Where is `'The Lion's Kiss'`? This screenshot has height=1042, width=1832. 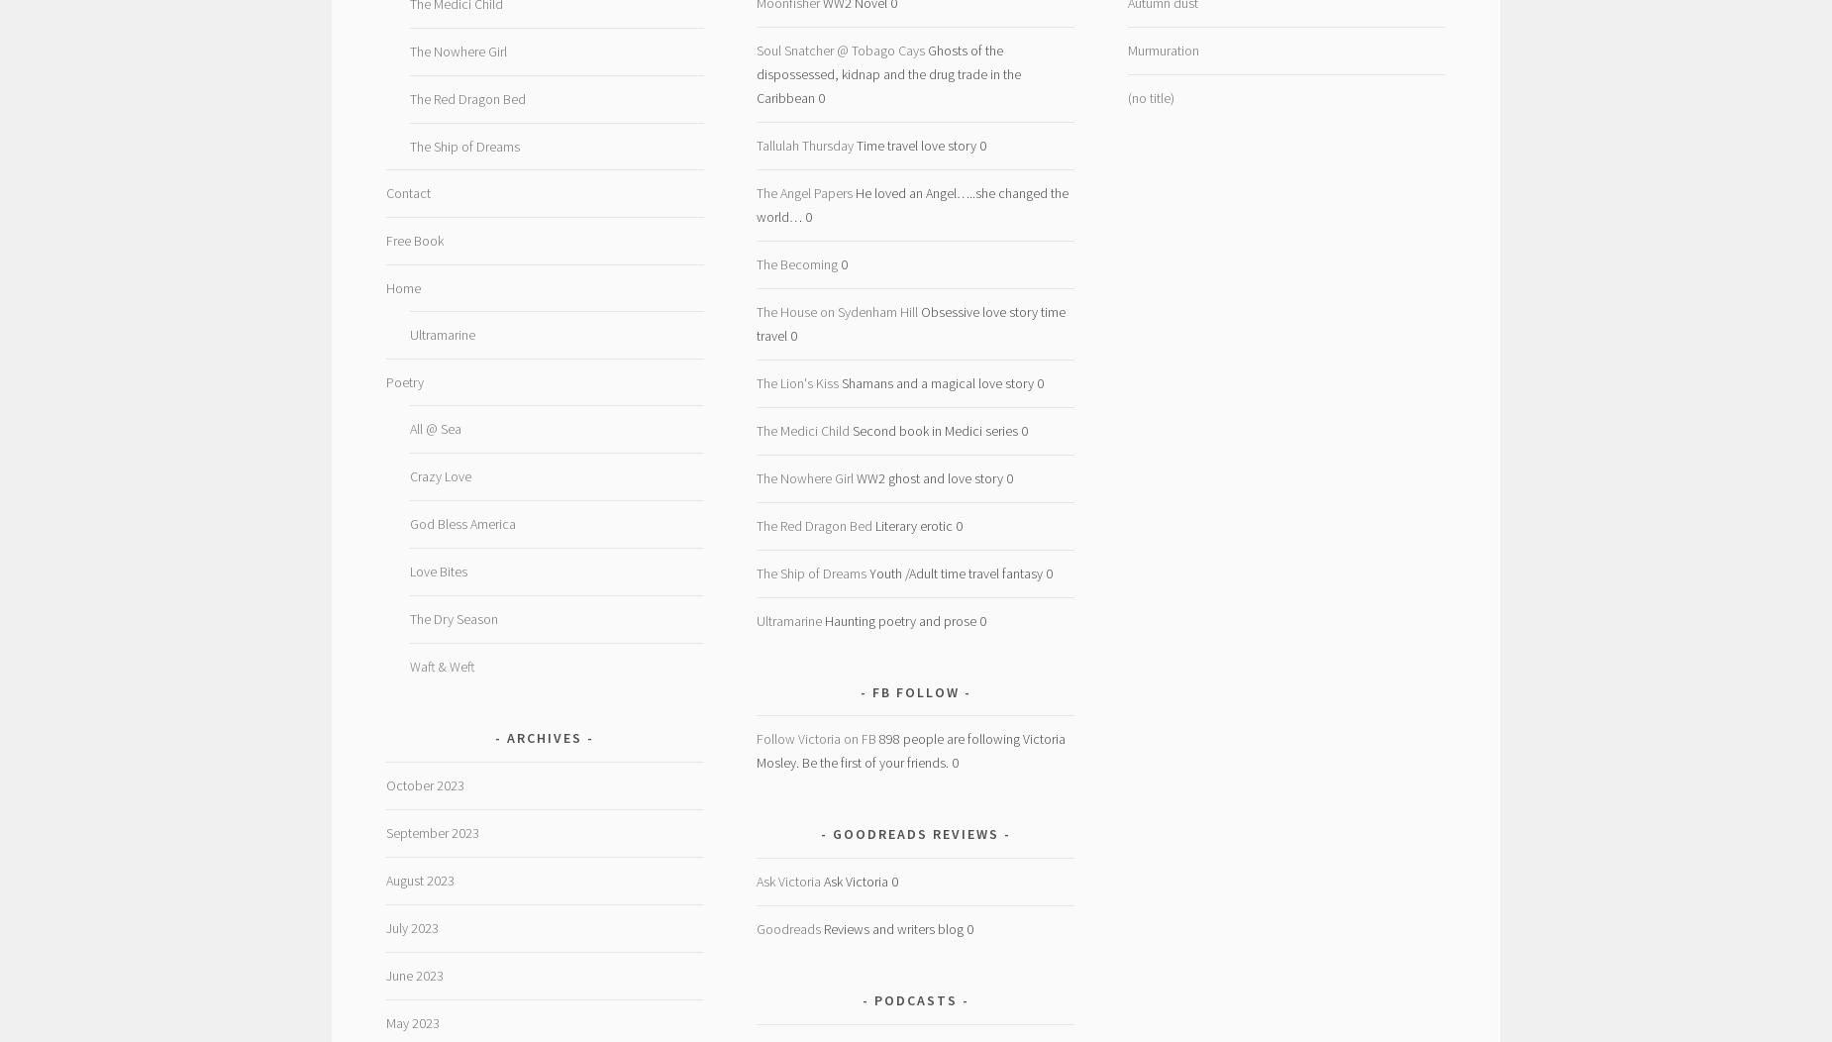
'The Lion's Kiss' is located at coordinates (757, 381).